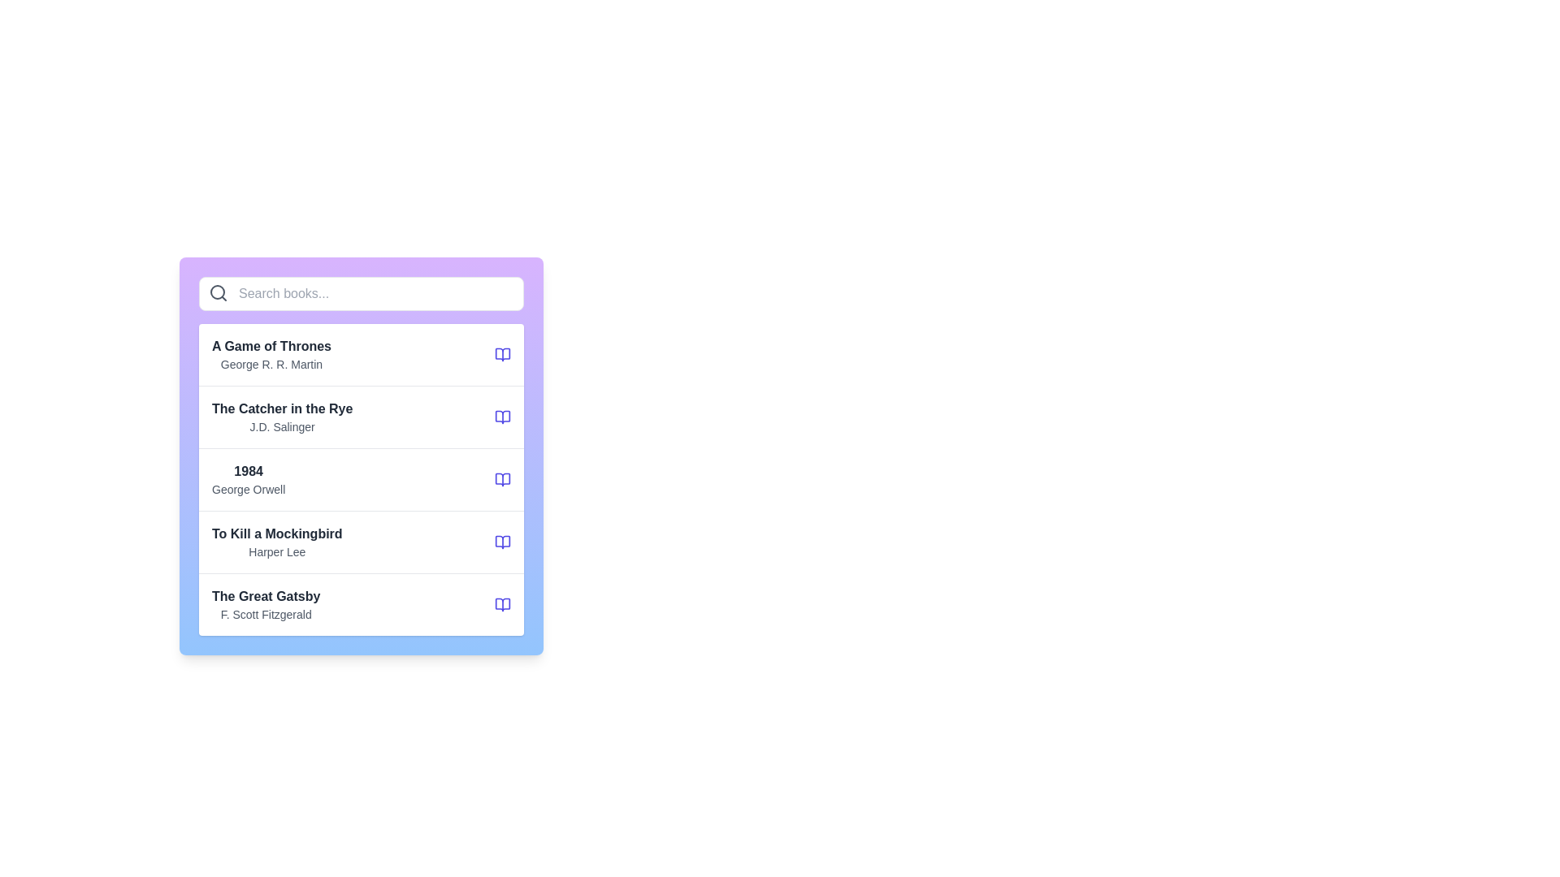 Image resolution: width=1560 pixels, height=877 pixels. I want to click on the text label displaying '1984' by George Orwell, so click(248, 478).